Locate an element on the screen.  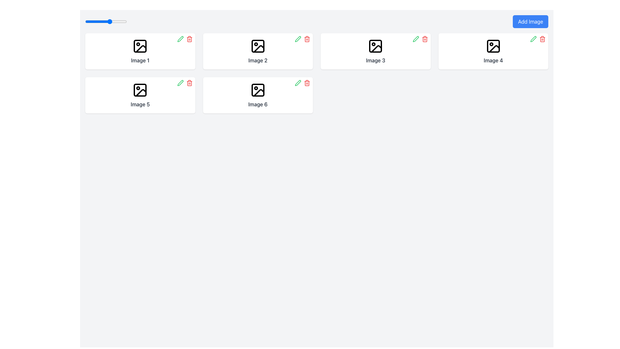
the icon representing an image placeholder in the first cell labeled 'Image 1', which features a rectangle with a circular shape and a diagonal line is located at coordinates (140, 46).